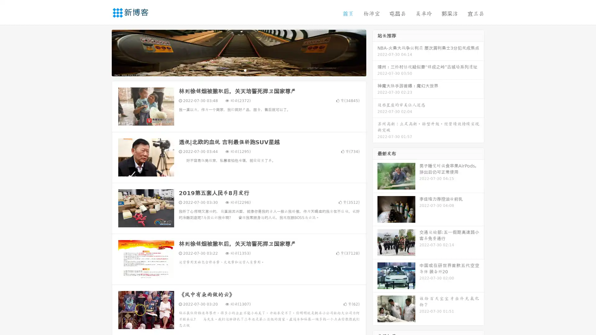  Describe the element at coordinates (238, 70) in the screenshot. I see `Go to slide 2` at that location.